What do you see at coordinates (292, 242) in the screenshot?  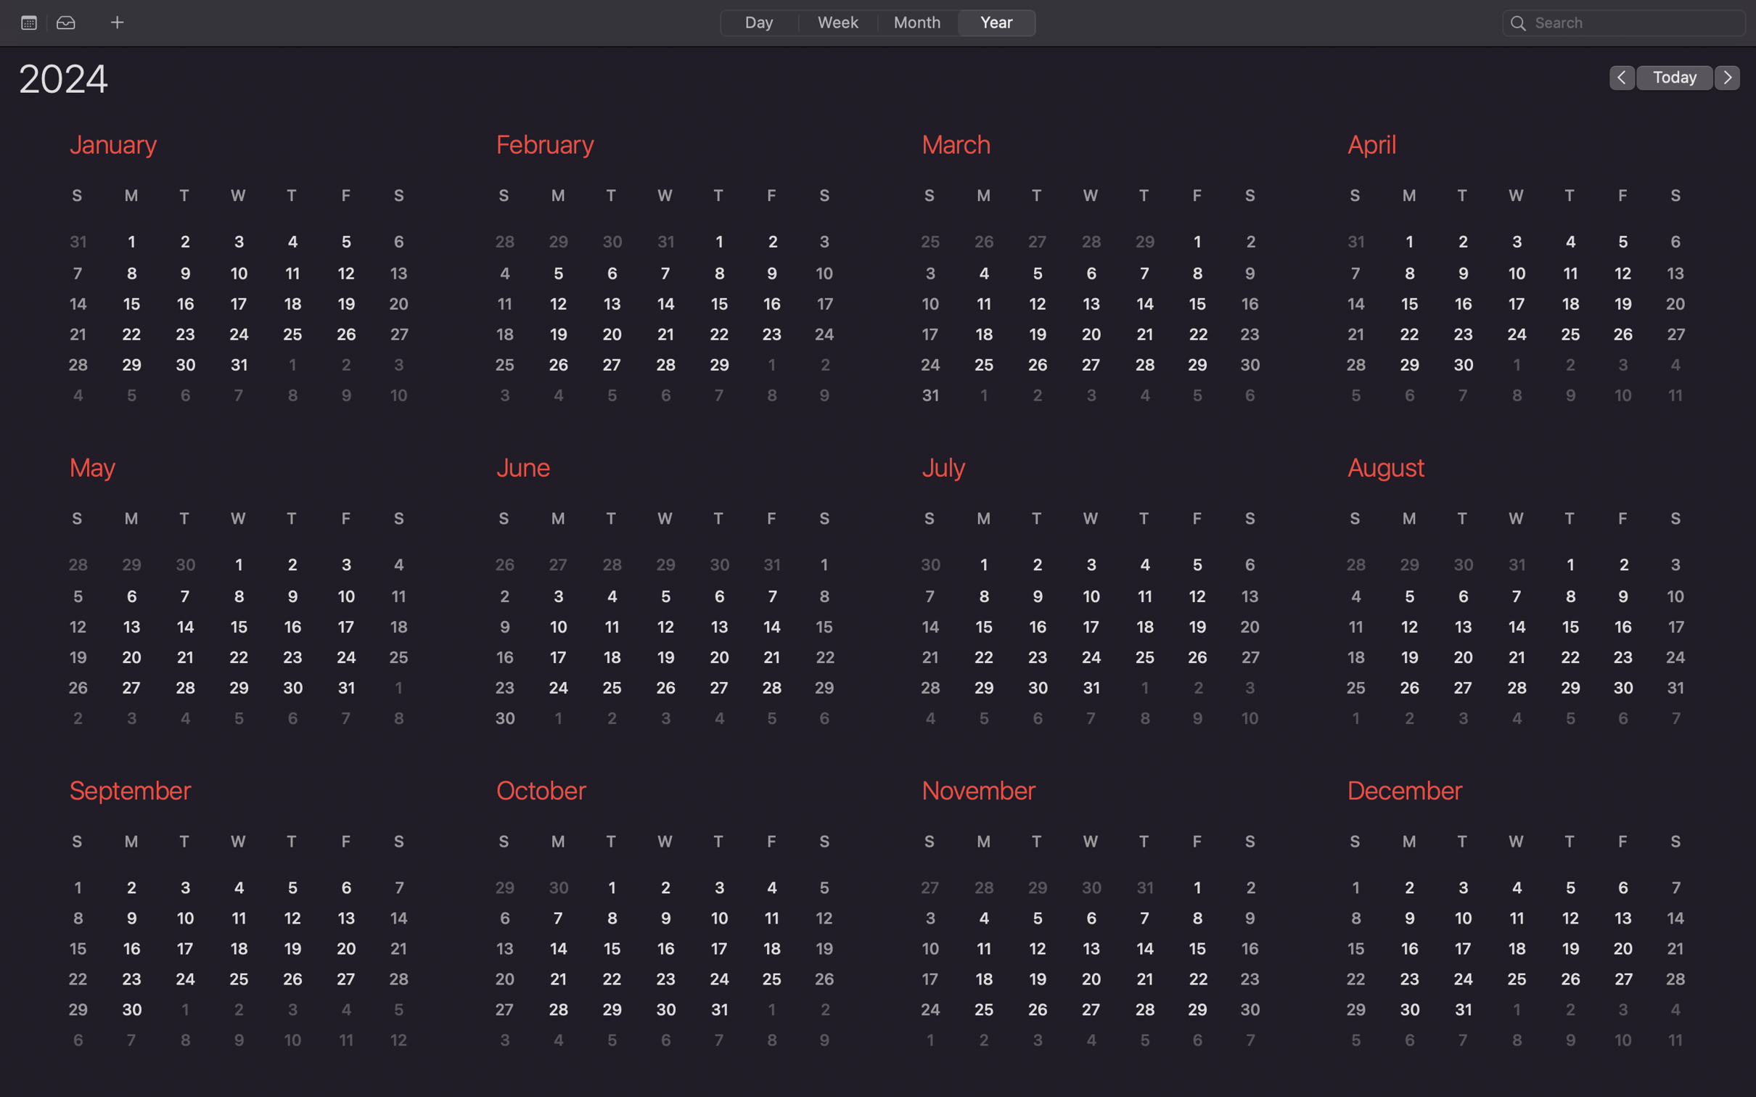 I see `the 4th of January on the calendar` at bounding box center [292, 242].